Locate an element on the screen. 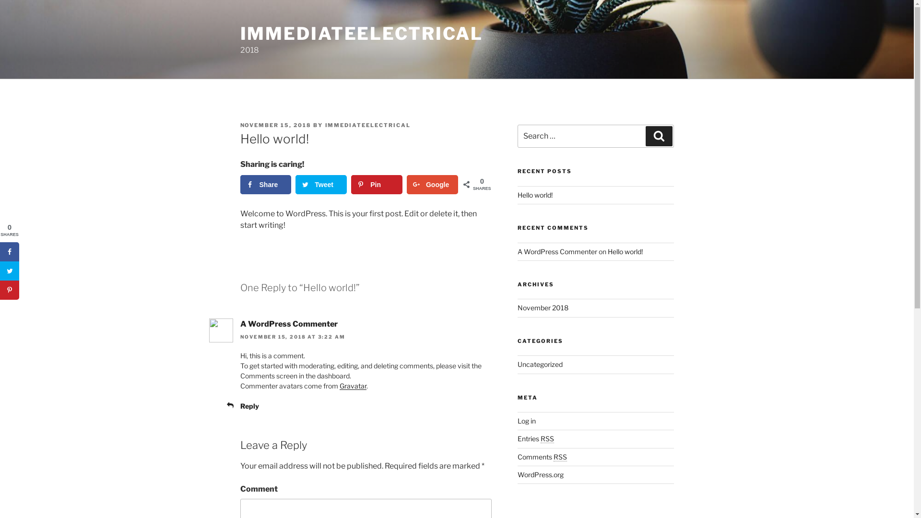 The width and height of the screenshot is (921, 518). 'Skip to content' is located at coordinates (0, 0).